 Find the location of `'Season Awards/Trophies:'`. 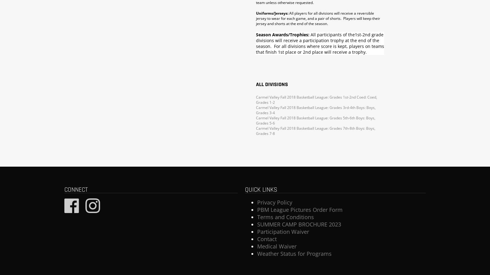

'Season Awards/Trophies:' is located at coordinates (283, 34).